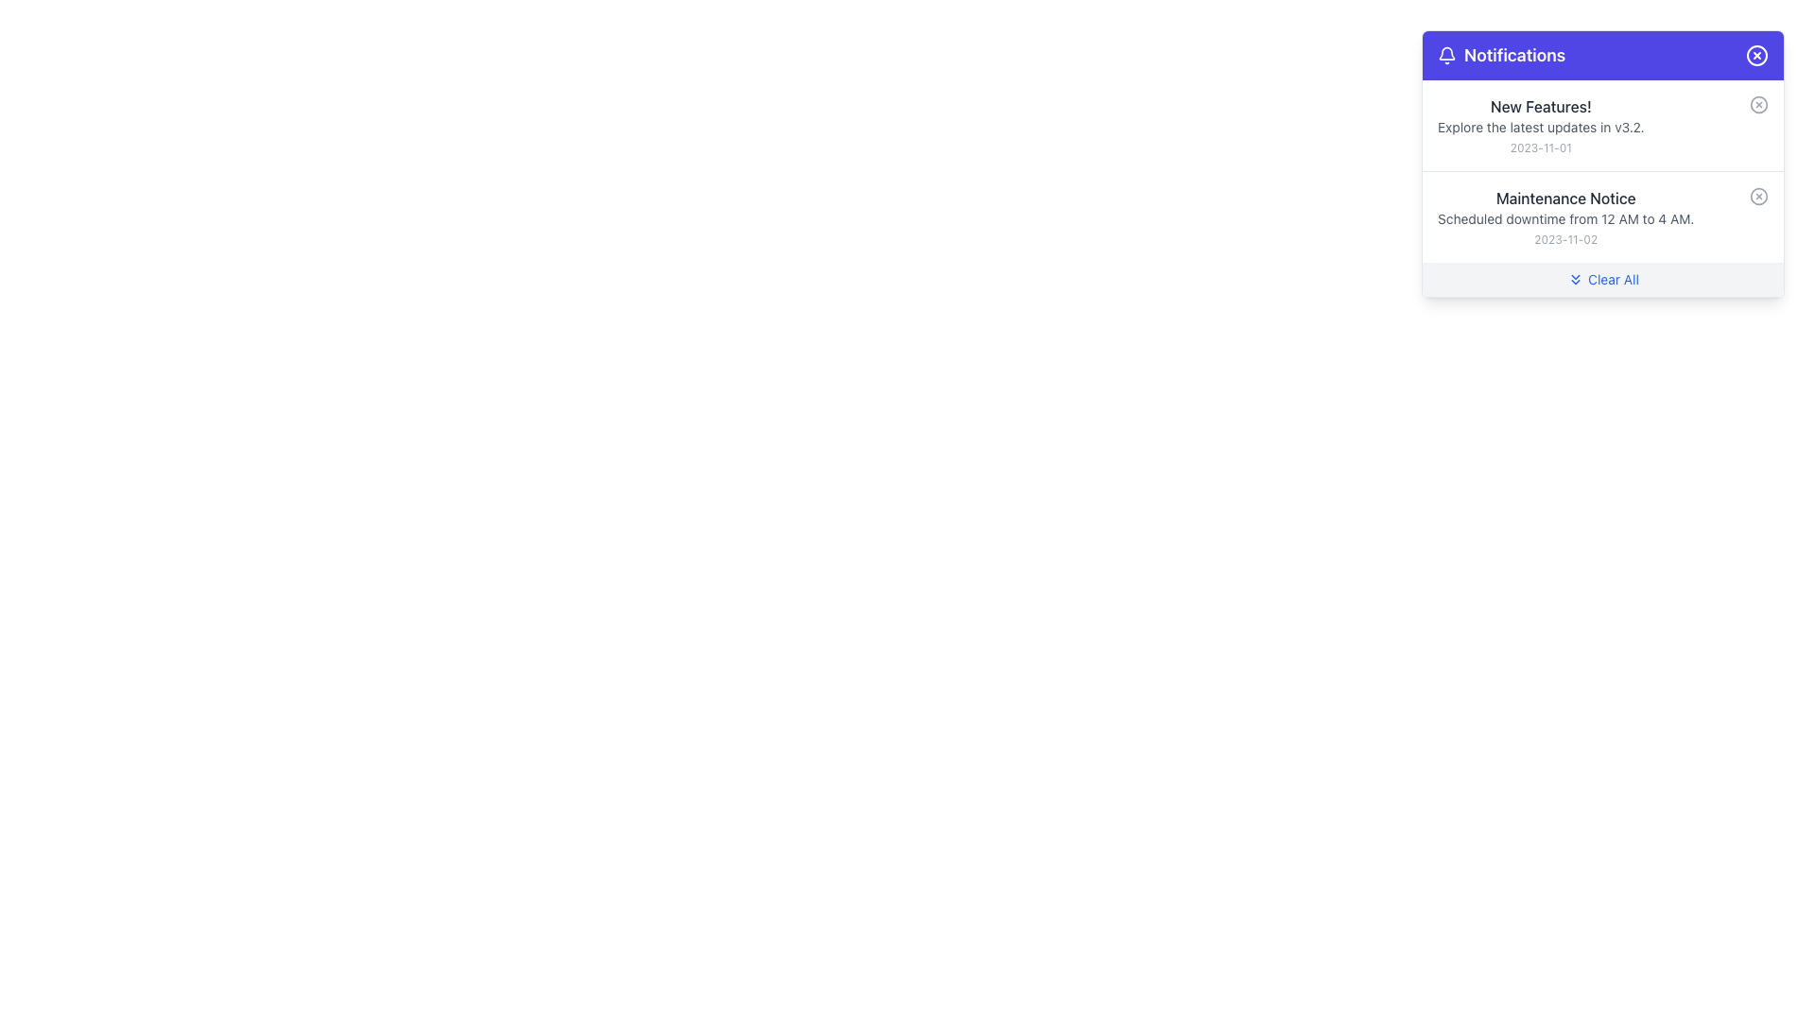 The height and width of the screenshot is (1021, 1815). Describe the element at coordinates (1565, 239) in the screenshot. I see `the timestamp text label located in the bottom-right corner of the maintenance notice notification box` at that location.